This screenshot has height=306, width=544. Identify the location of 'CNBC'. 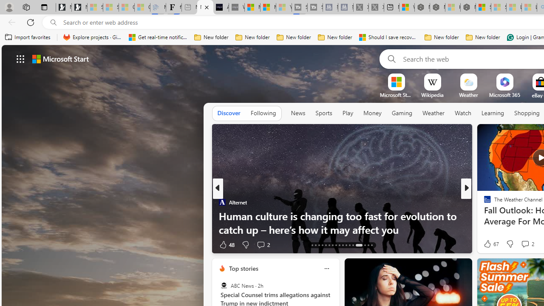
(484, 202).